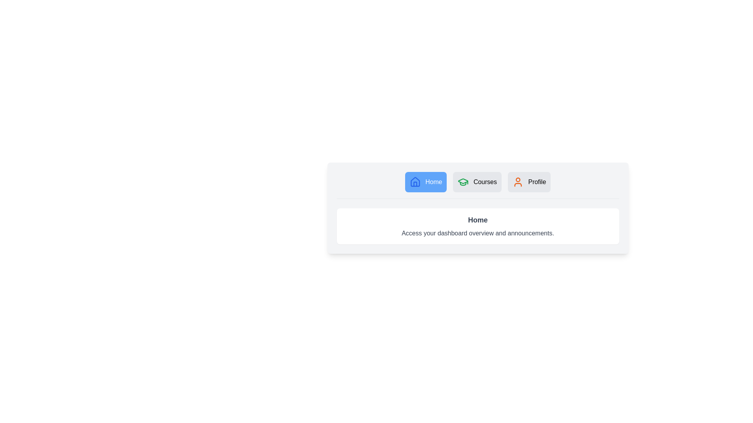 The image size is (753, 423). Describe the element at coordinates (425, 182) in the screenshot. I see `the Home tab to observe its hover effect` at that location.